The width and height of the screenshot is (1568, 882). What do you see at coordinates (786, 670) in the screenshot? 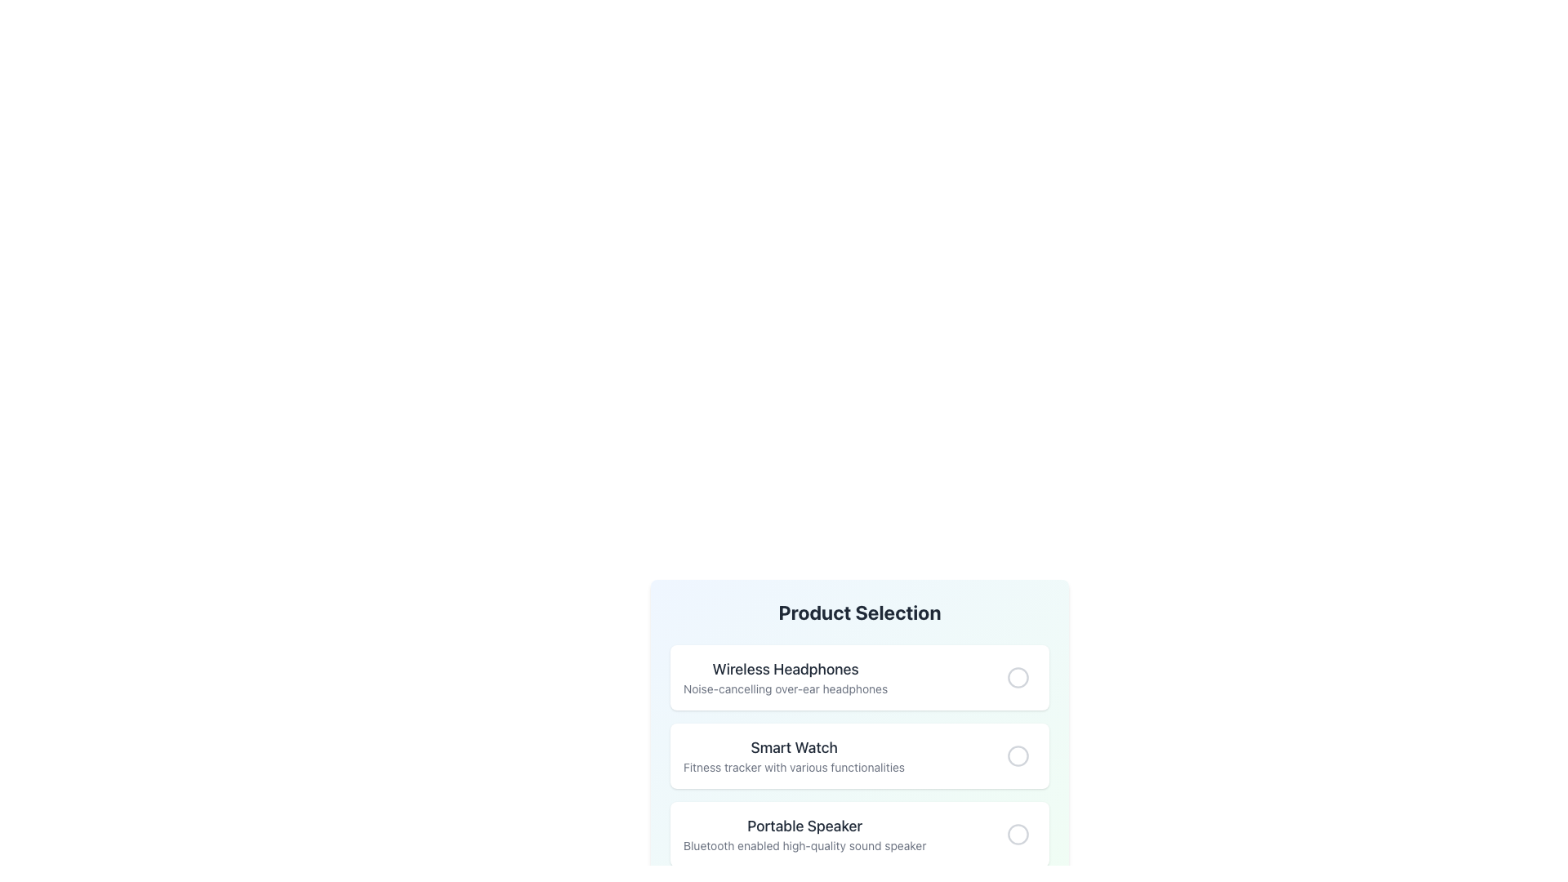
I see `the text label that describes the product 'Wireless Headphones', which is located at the top of a card section in a vertical list of options` at bounding box center [786, 670].